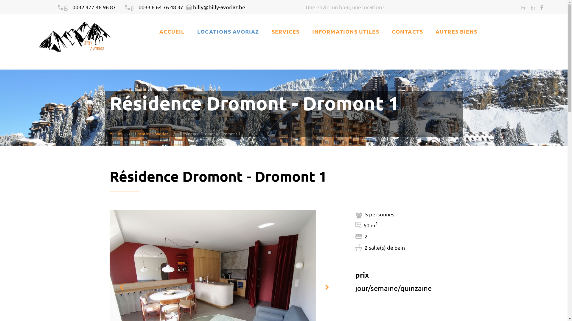  I want to click on 'ACCUEIL', so click(172, 31).